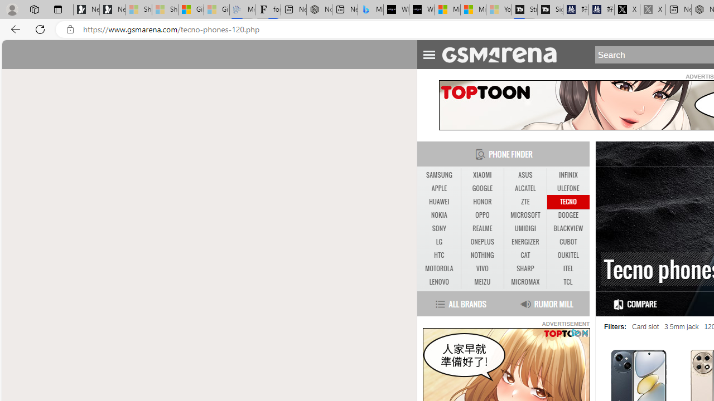 The height and width of the screenshot is (401, 714). What do you see at coordinates (524, 188) in the screenshot?
I see `'ALCATEL'` at bounding box center [524, 188].